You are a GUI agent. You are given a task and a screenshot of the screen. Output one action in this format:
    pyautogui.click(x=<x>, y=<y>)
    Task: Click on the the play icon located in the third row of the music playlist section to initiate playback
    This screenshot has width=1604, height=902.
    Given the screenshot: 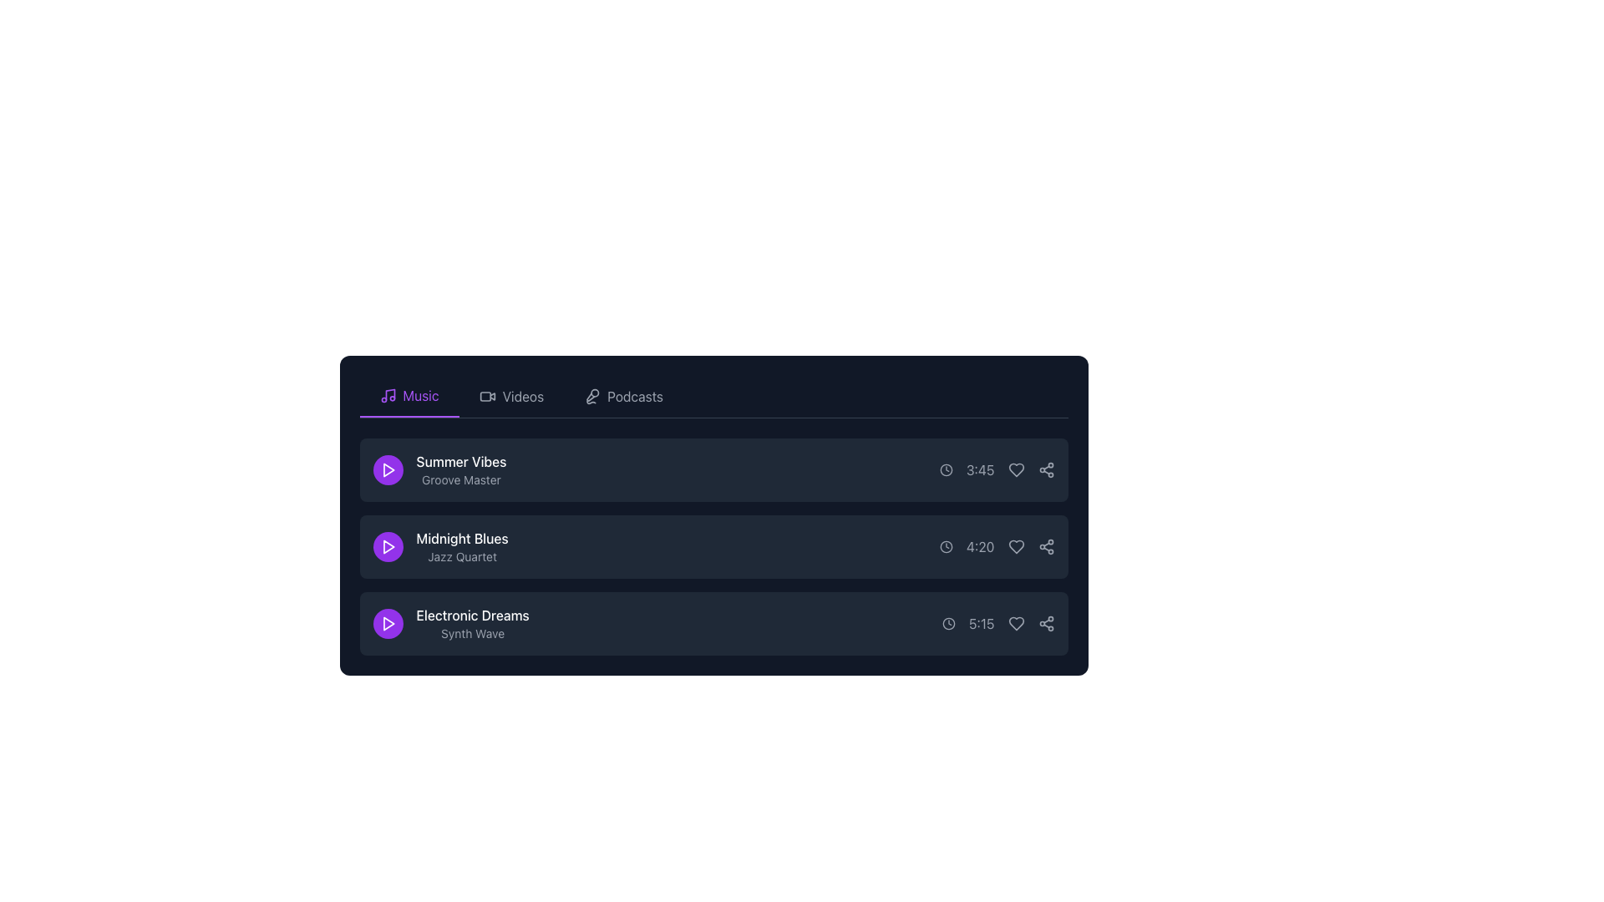 What is the action you would take?
    pyautogui.click(x=388, y=624)
    